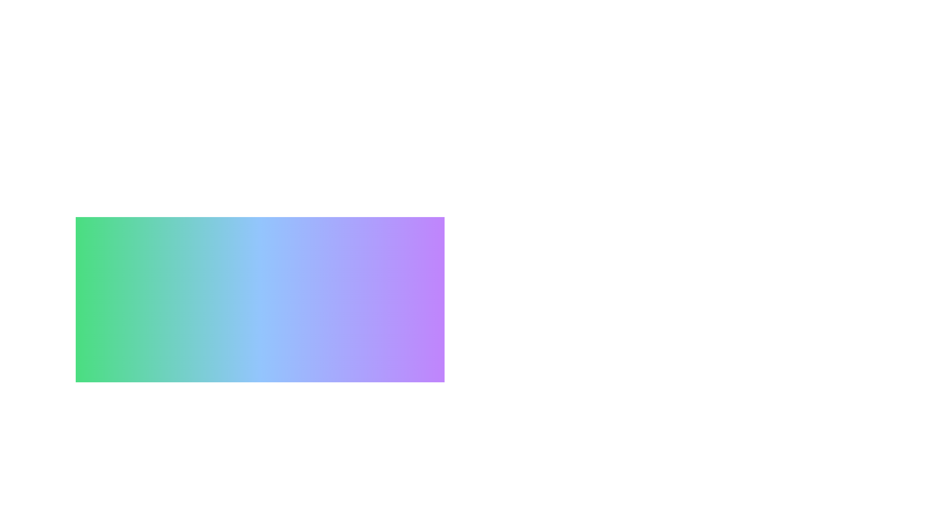 The height and width of the screenshot is (528, 938). What do you see at coordinates (109, 512) in the screenshot?
I see `the preference Music to observe visual feedback` at bounding box center [109, 512].